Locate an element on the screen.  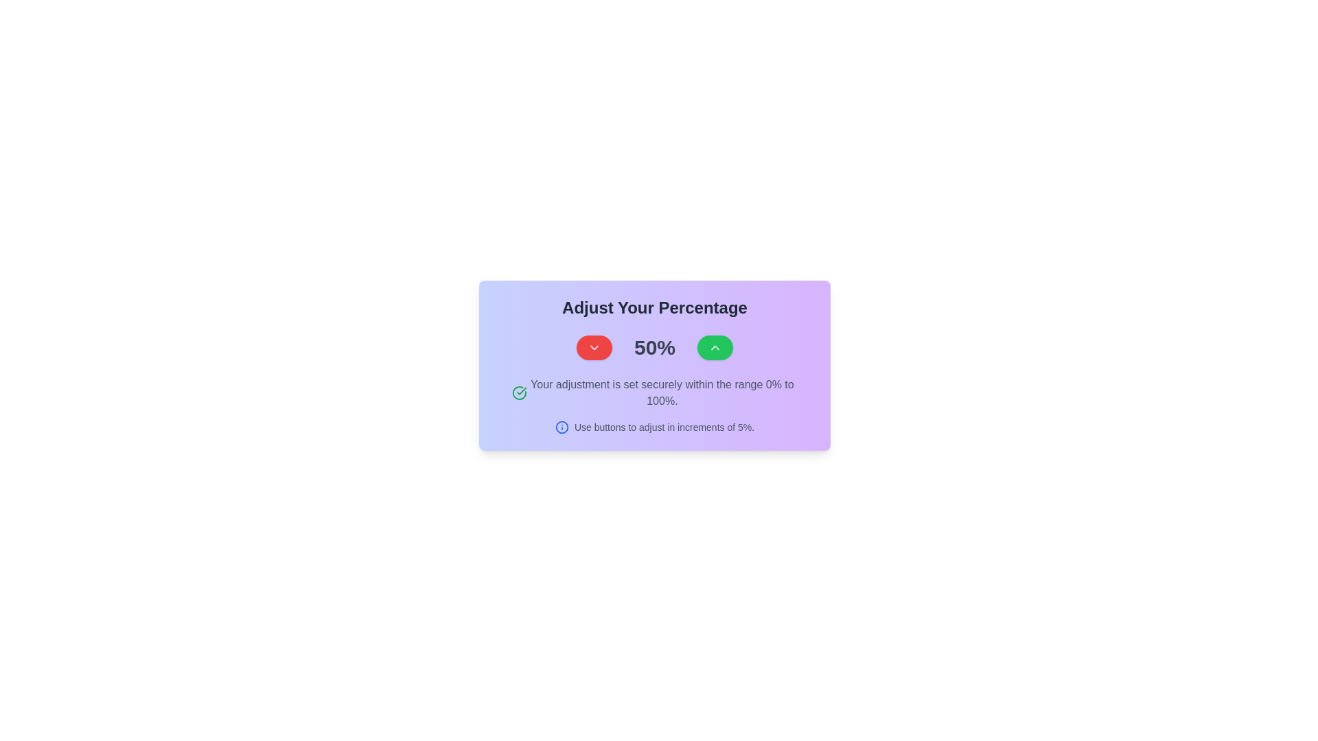
the informational text element that provides guidance on adjusting the percentage value by increments of 5%, located below the text 'Your adjustment is set securely within the range 0% to 100%.' is located at coordinates (654, 427).